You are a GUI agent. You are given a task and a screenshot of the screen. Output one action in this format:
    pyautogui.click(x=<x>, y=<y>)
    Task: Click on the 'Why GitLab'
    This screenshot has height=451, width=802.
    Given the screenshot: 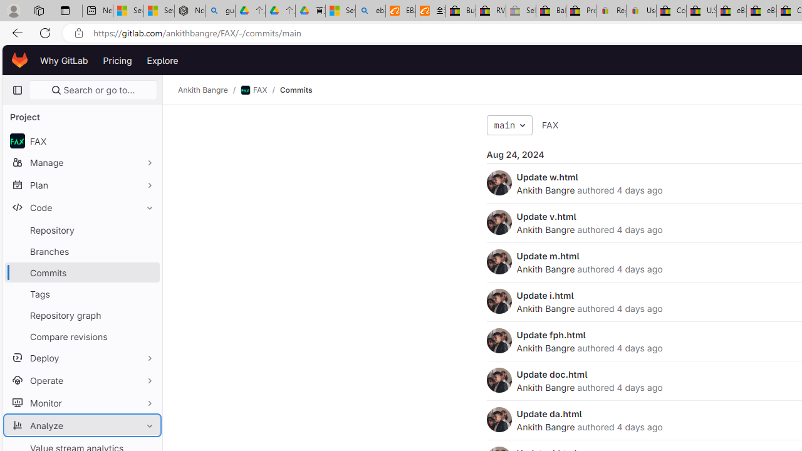 What is the action you would take?
    pyautogui.click(x=63, y=60)
    